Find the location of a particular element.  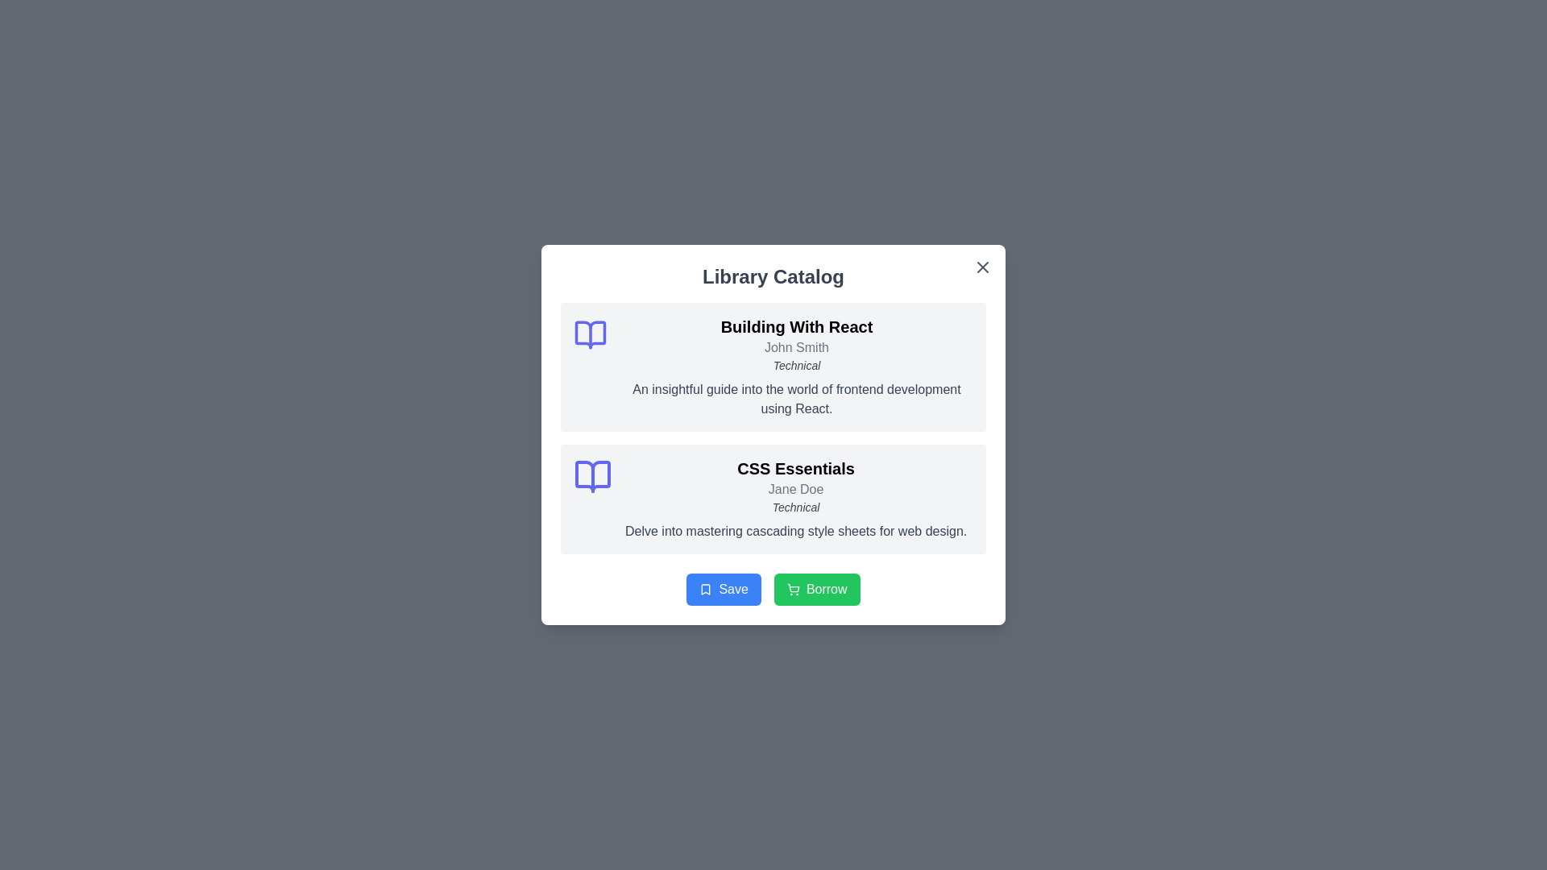

the informational card titled 'CSS Essentials' located in the lower half of the modal, beneath the 'Building With React' section, which is the second item in a vertical list of cards is located at coordinates (796, 499).